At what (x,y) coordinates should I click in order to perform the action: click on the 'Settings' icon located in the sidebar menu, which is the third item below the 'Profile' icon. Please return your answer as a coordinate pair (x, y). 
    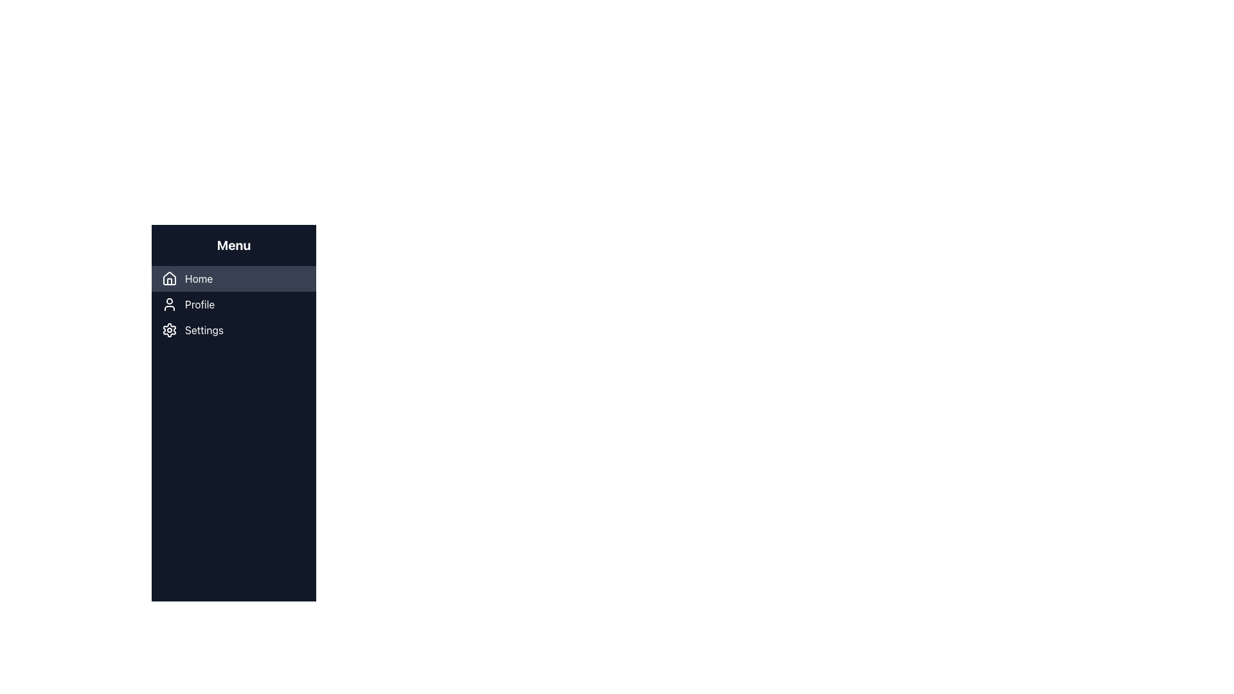
    Looking at the image, I should click on (169, 329).